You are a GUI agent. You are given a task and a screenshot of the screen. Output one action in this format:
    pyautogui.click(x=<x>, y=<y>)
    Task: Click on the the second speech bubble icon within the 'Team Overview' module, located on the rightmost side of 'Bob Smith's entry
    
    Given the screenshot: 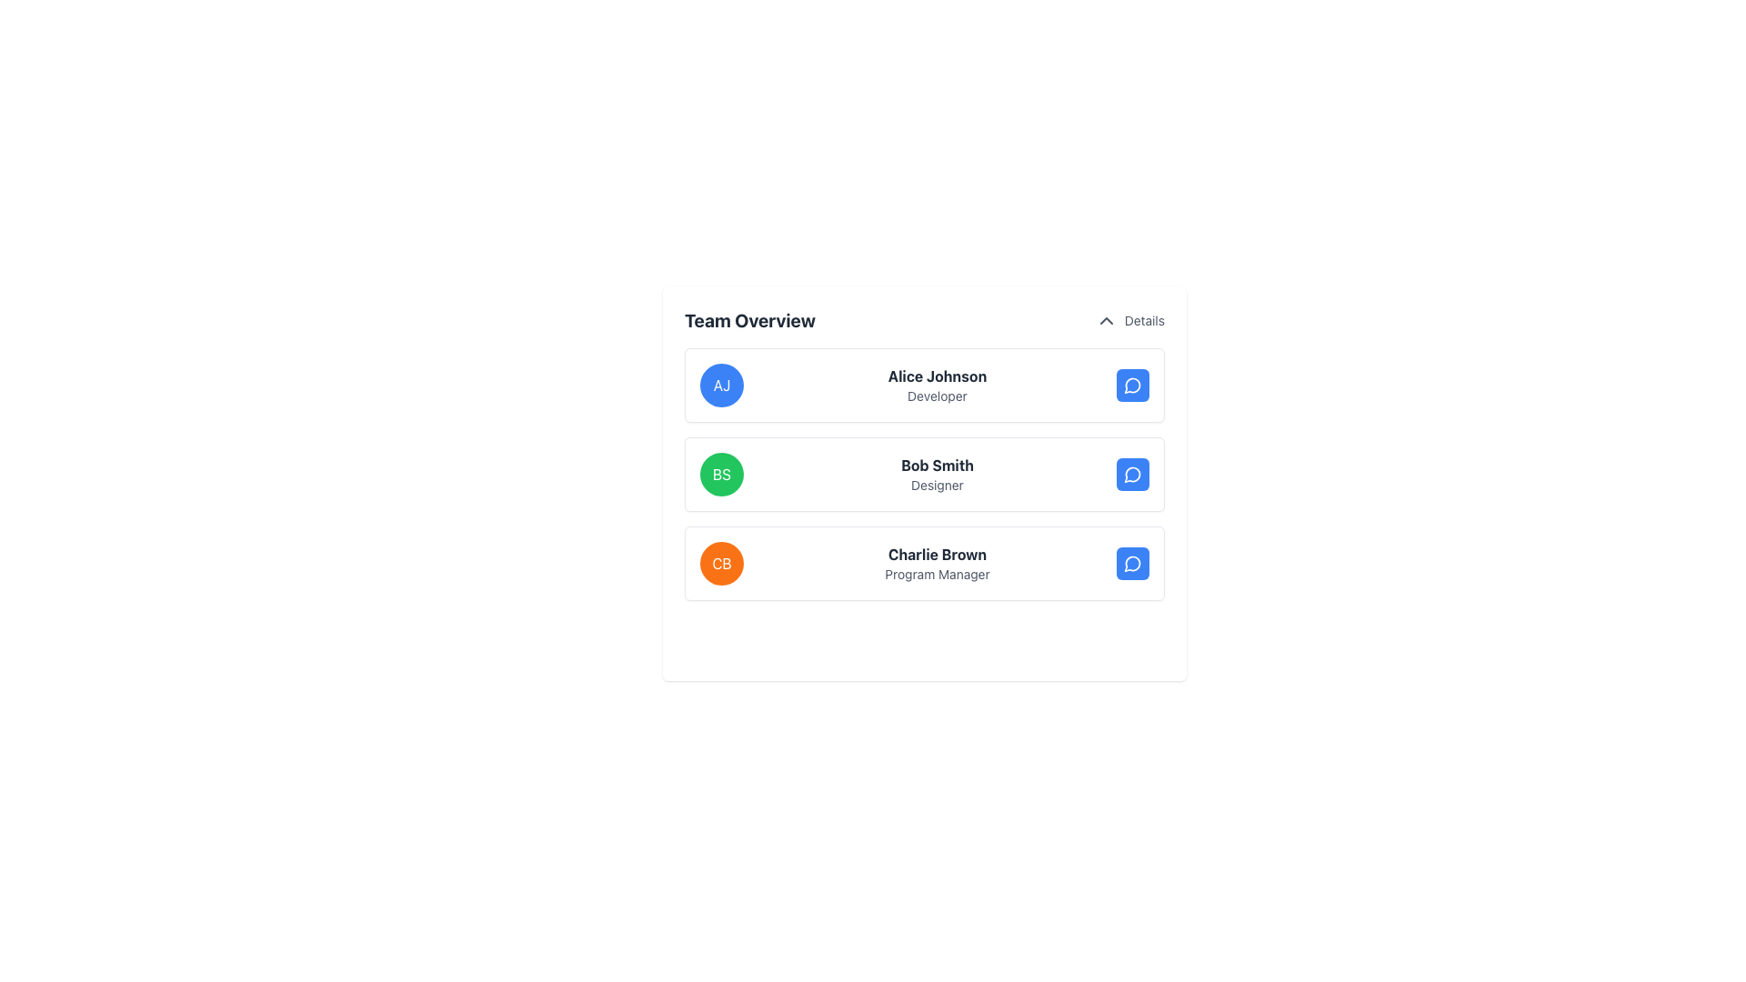 What is the action you would take?
    pyautogui.click(x=1132, y=473)
    